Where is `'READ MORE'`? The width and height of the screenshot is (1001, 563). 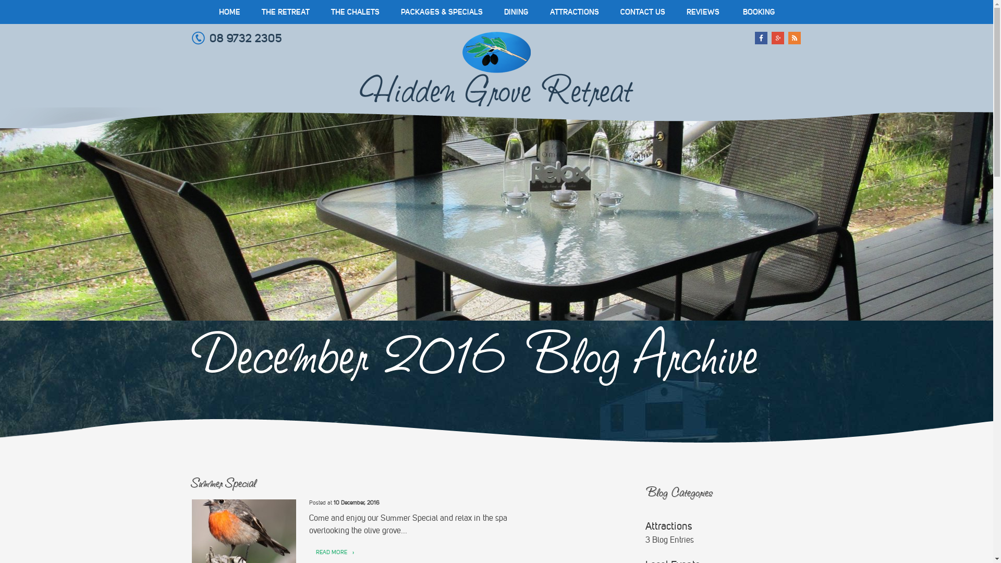
'READ MORE' is located at coordinates (330, 552).